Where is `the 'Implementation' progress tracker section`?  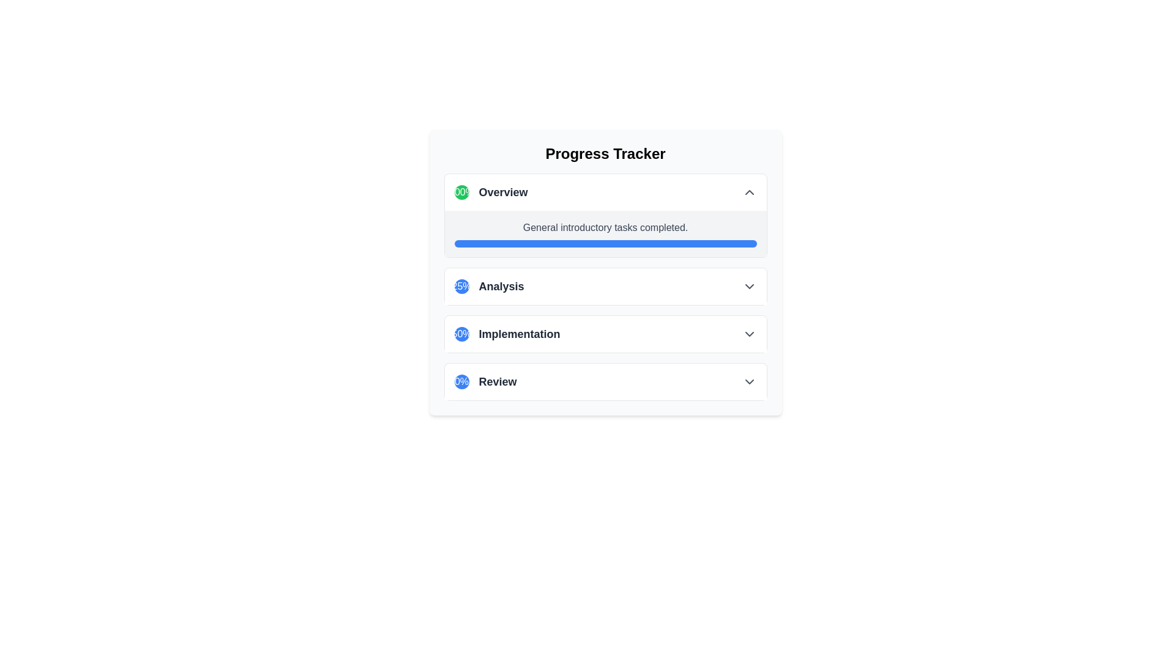 the 'Implementation' progress tracker section is located at coordinates (605, 334).